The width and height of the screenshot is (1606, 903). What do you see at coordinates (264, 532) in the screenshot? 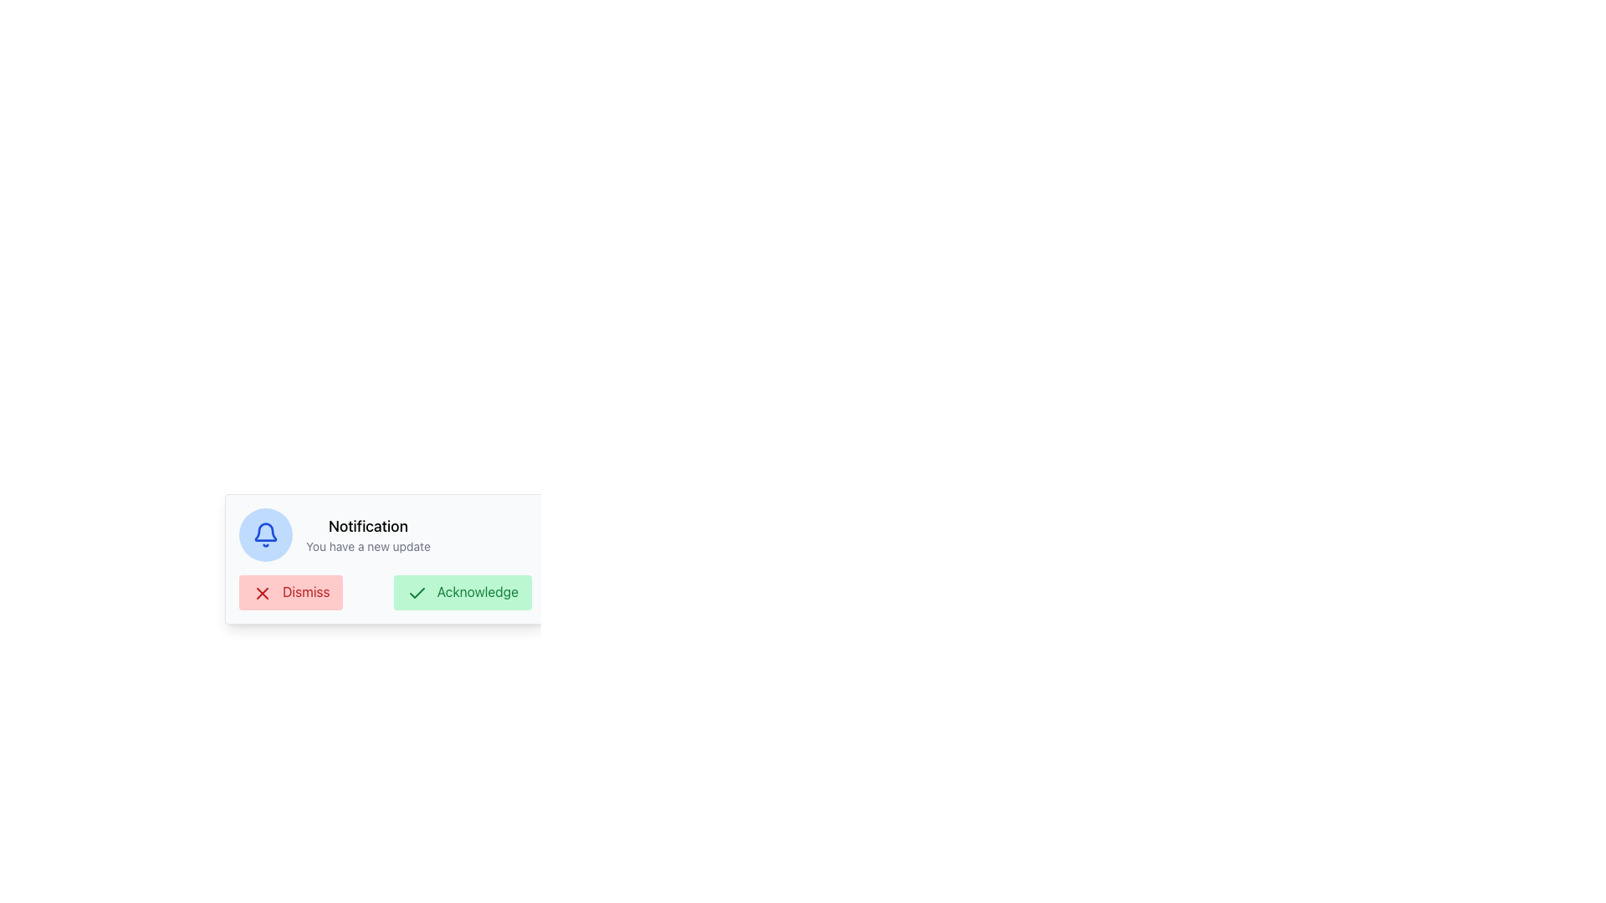
I see `the notification icon, which is represented by a circular blue frame located at the top left corner of the notification card` at bounding box center [264, 532].